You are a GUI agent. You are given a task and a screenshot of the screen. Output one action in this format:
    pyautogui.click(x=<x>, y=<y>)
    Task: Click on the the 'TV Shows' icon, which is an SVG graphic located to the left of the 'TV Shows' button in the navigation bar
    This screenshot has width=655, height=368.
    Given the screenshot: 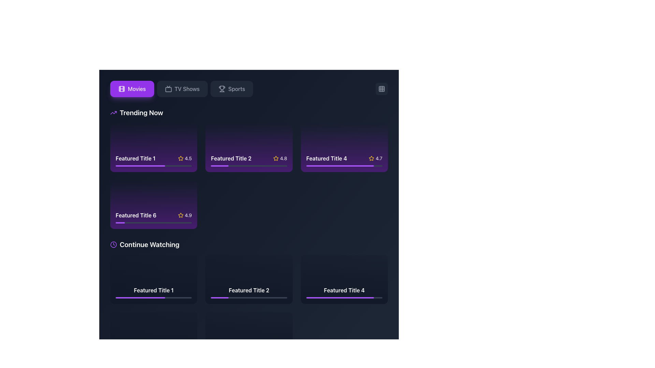 What is the action you would take?
    pyautogui.click(x=168, y=89)
    